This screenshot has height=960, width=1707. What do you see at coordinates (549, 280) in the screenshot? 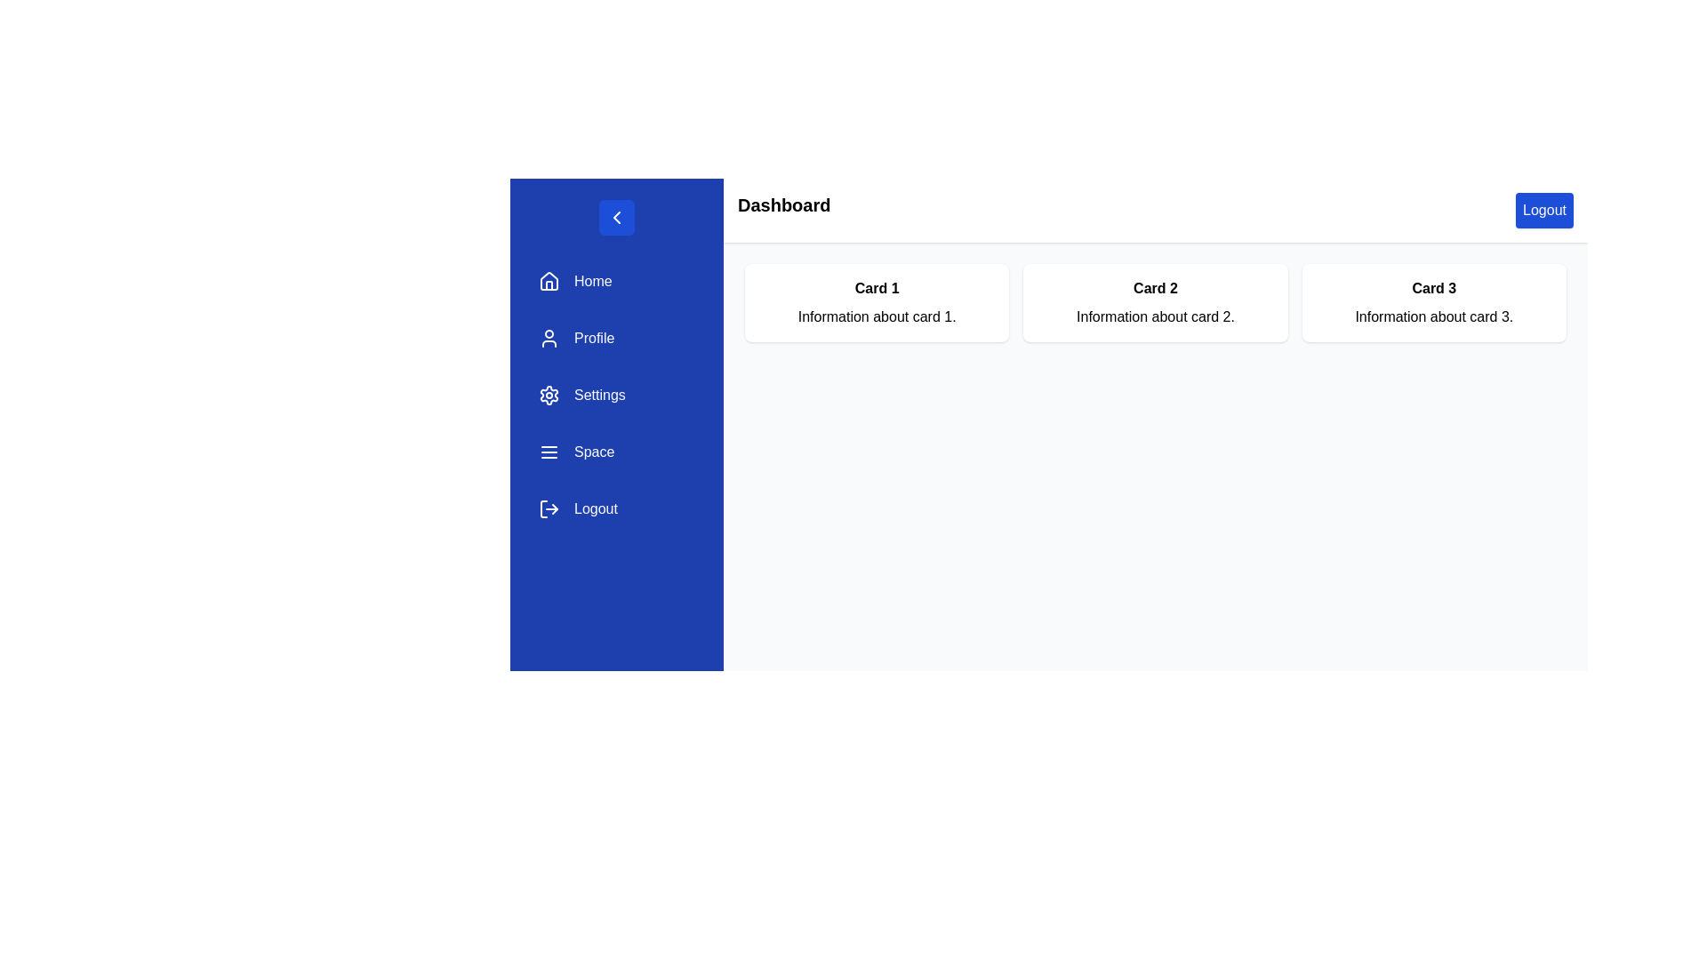
I see `the 'Home' icon, which is a simple geometric design resembling a house, located in the left vertical navigation bar` at bounding box center [549, 280].